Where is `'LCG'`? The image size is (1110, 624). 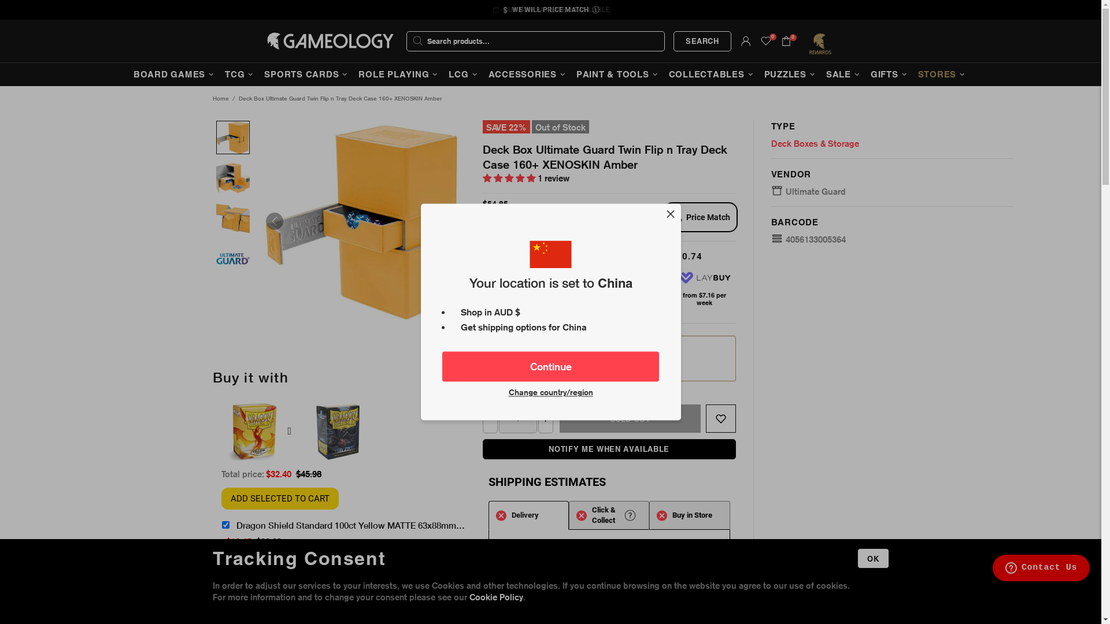 'LCG' is located at coordinates (464, 74).